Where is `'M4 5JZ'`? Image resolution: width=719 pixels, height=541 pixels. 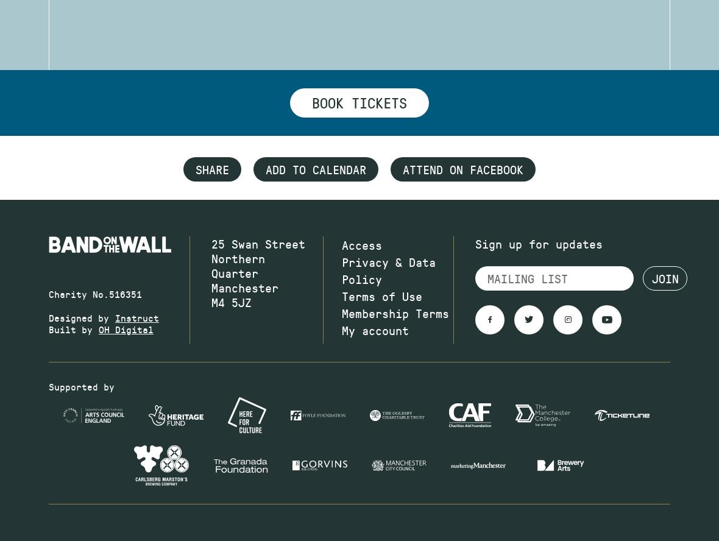
'M4 5JZ' is located at coordinates (230, 302).